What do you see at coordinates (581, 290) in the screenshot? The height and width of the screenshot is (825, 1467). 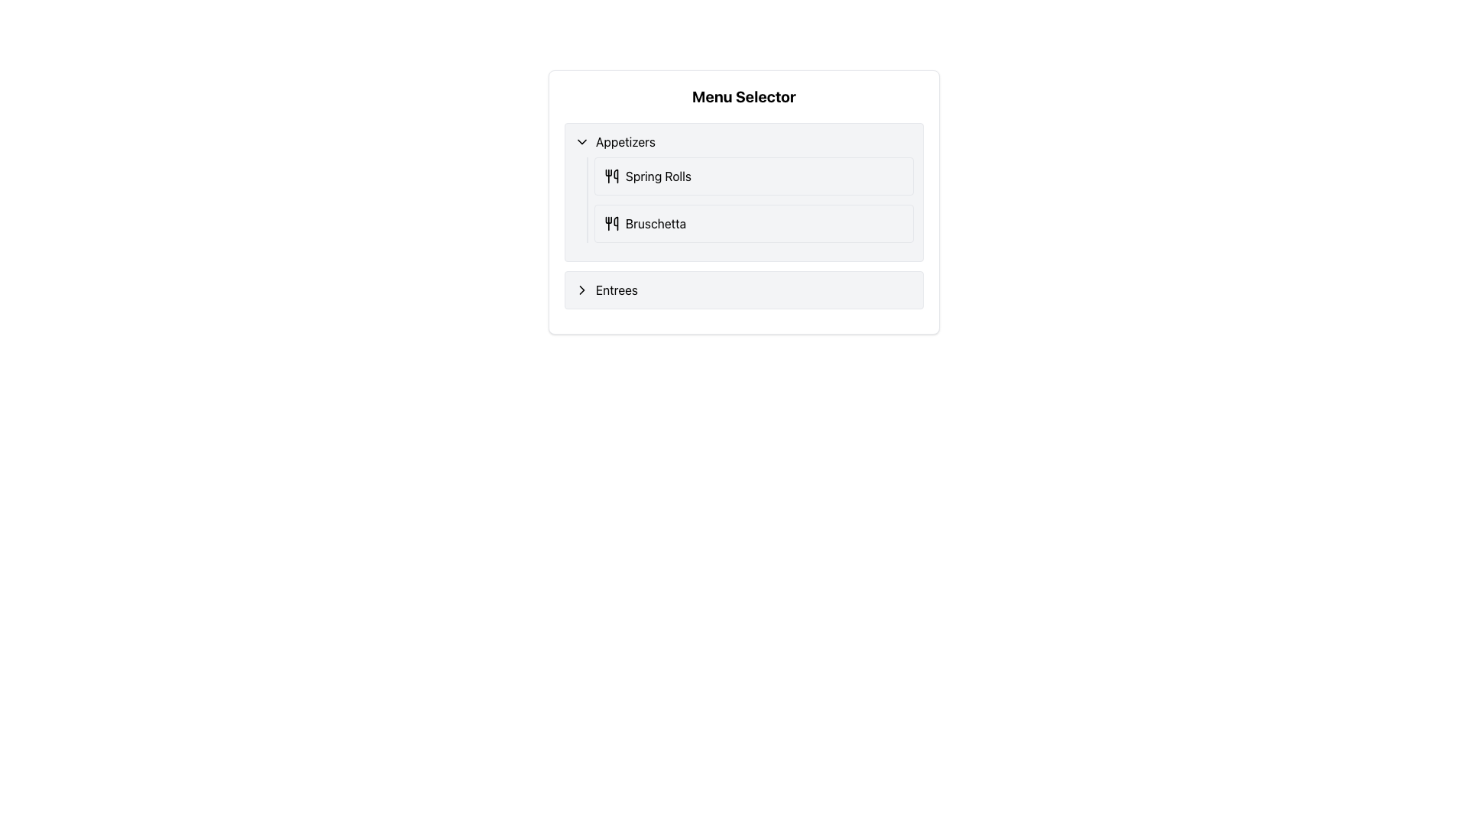 I see `the icon next to 'Appetizers'` at bounding box center [581, 290].